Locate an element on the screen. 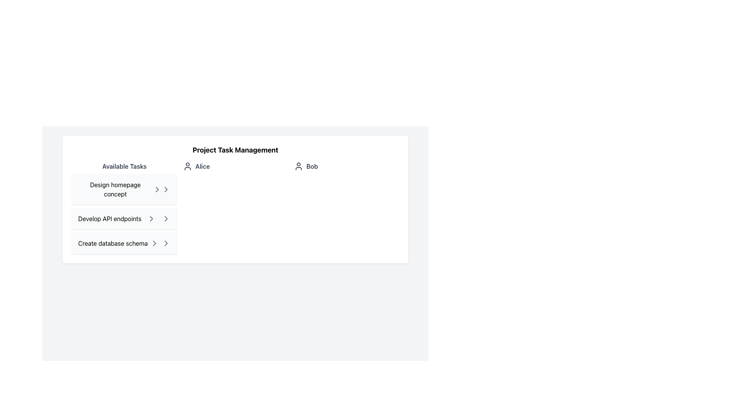 The width and height of the screenshot is (740, 416). the 'Create database schema' text link within the 'Available Tasks' menu is located at coordinates (113, 243).